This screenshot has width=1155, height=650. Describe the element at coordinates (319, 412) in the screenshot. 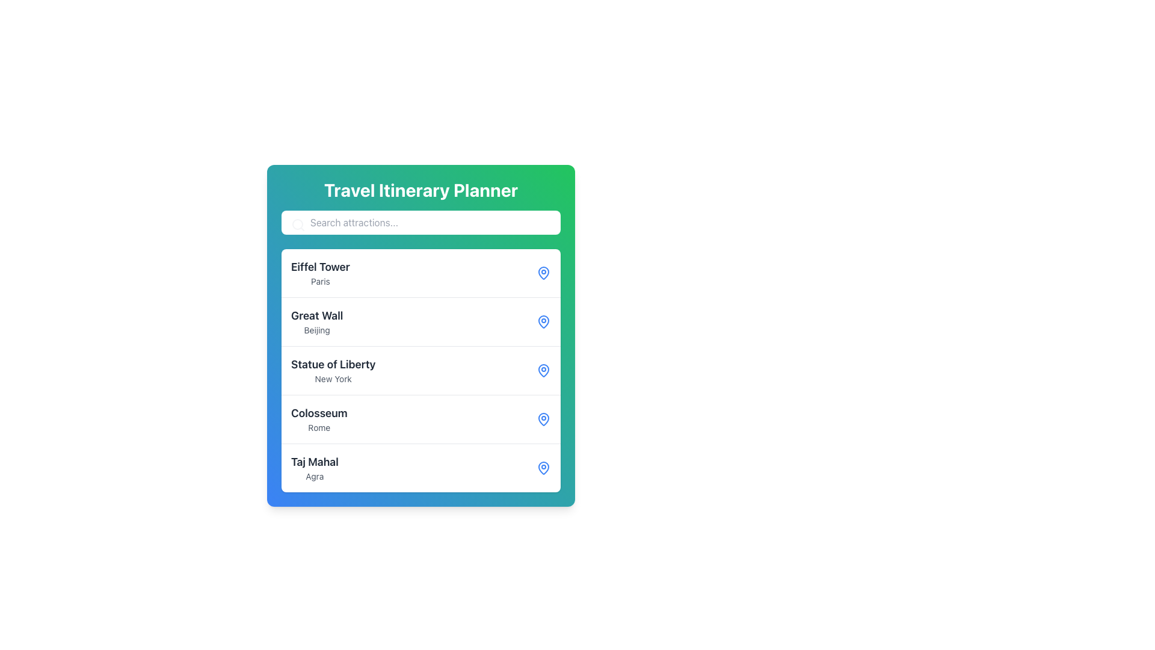

I see `the text label displaying 'Colosseum', which represents a travel attraction in the list` at that location.